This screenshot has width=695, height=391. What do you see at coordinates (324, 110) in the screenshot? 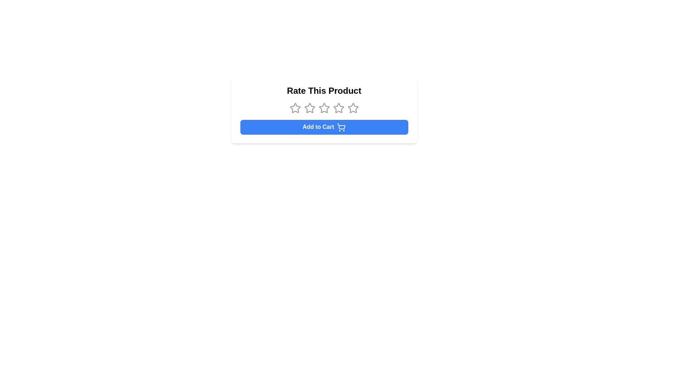
I see `the star rating element within the 'Rate This Product' card, which is a white card with rounded corners and a shadow effect, to rate the product` at bounding box center [324, 110].